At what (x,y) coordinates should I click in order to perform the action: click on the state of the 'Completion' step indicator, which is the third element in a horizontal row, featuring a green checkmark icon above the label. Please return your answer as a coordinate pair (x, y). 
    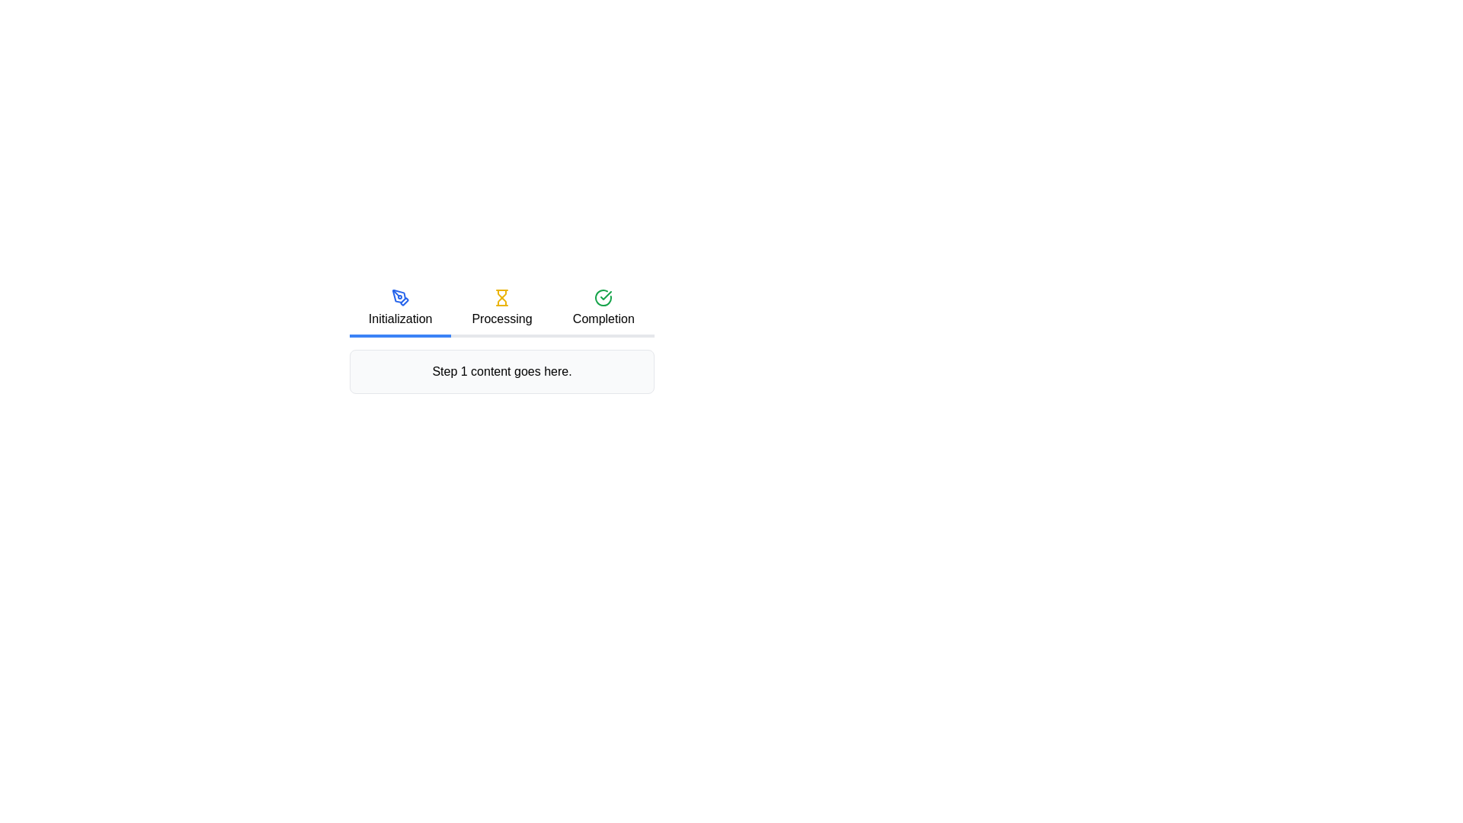
    Looking at the image, I should click on (603, 309).